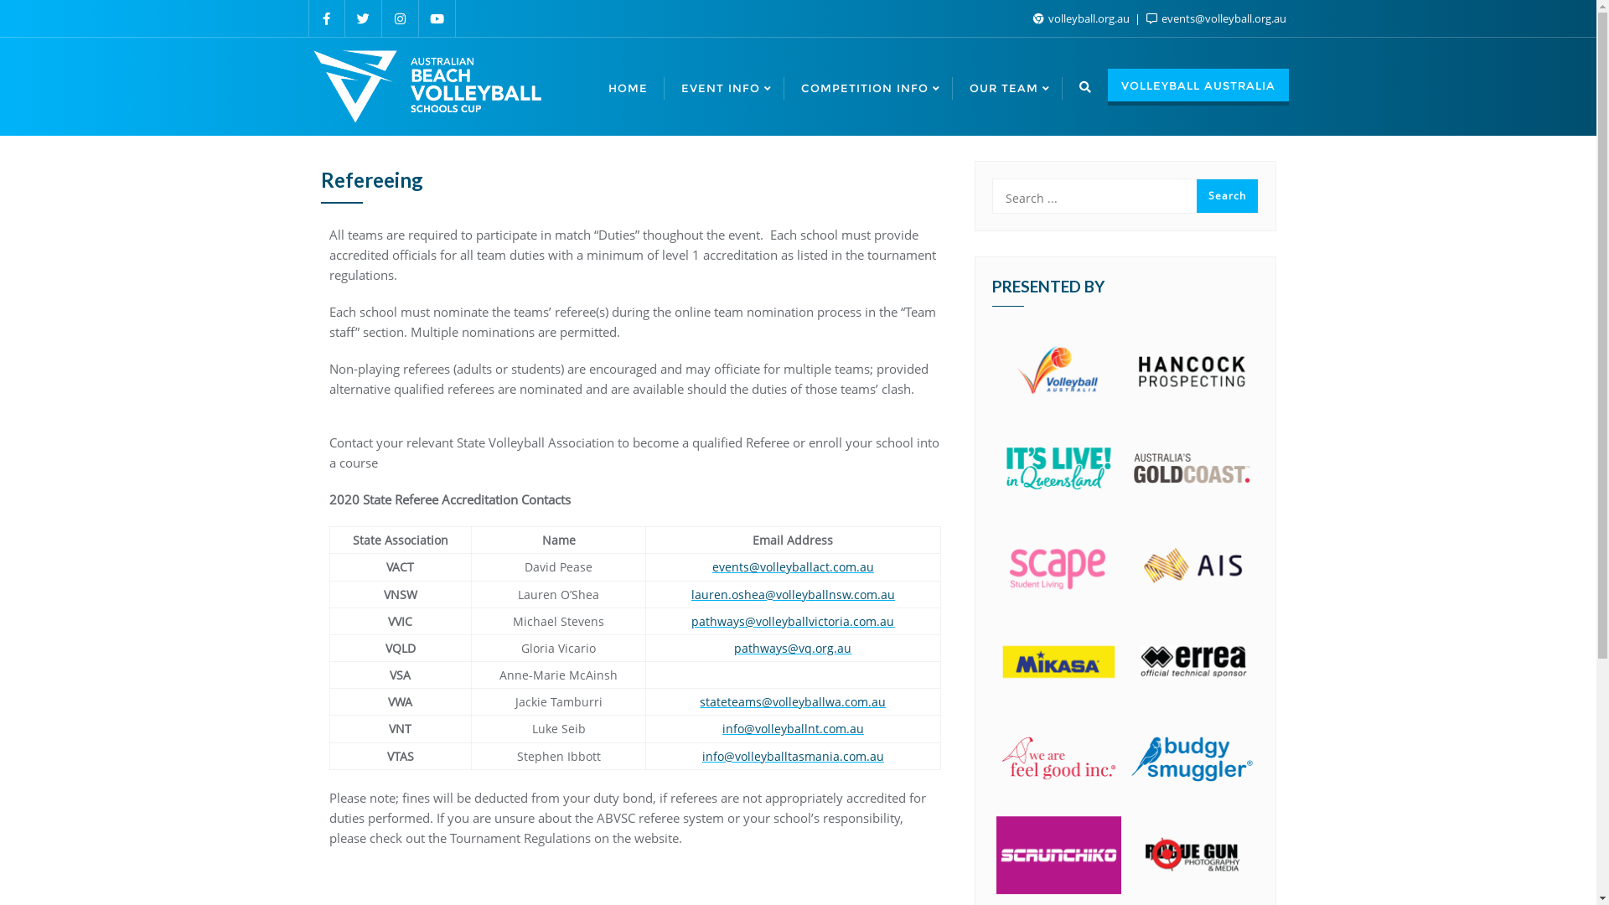  Describe the element at coordinates (792, 727) in the screenshot. I see `'info@volleyballnt.com.au'` at that location.